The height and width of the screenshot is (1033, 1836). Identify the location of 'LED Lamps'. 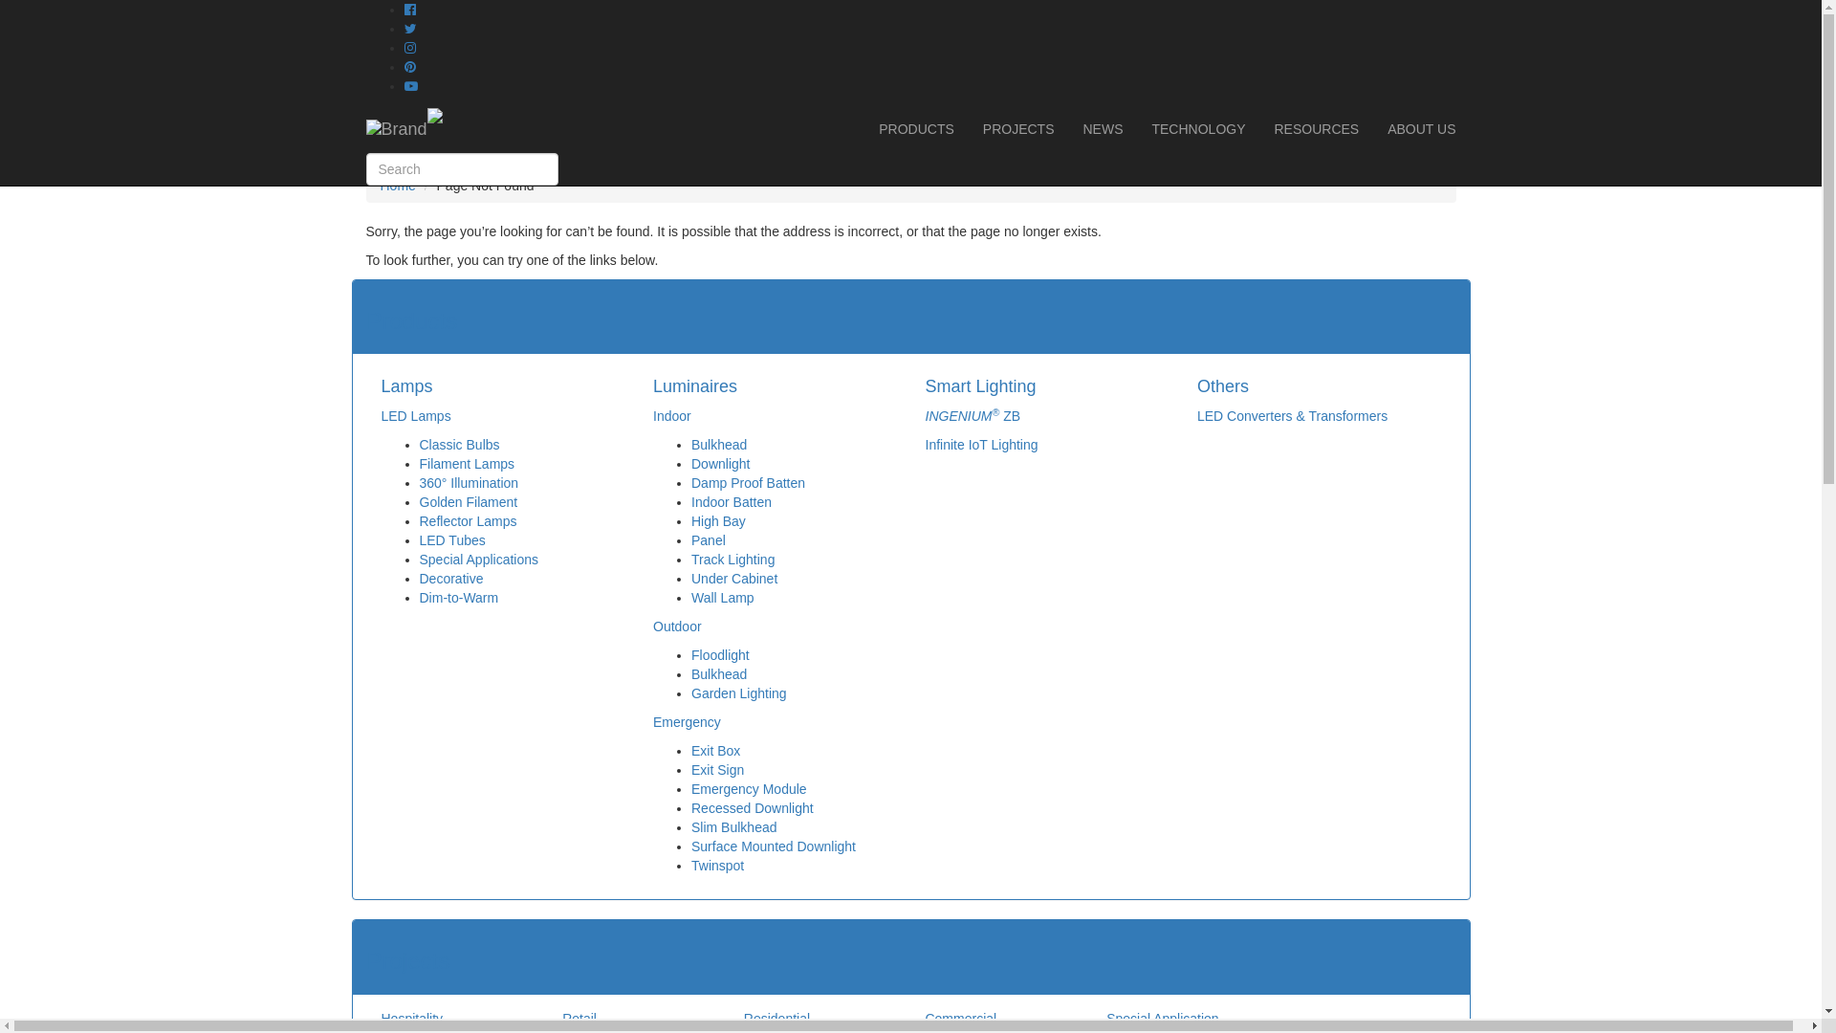
(414, 415).